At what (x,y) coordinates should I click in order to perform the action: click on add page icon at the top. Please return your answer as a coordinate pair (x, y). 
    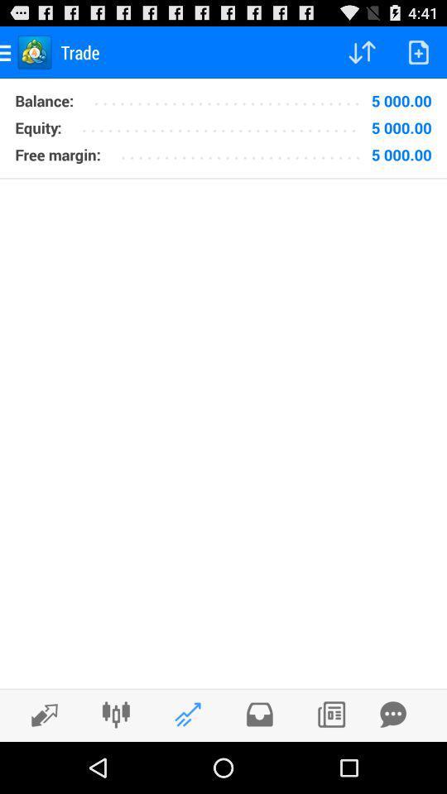
    Looking at the image, I should click on (417, 51).